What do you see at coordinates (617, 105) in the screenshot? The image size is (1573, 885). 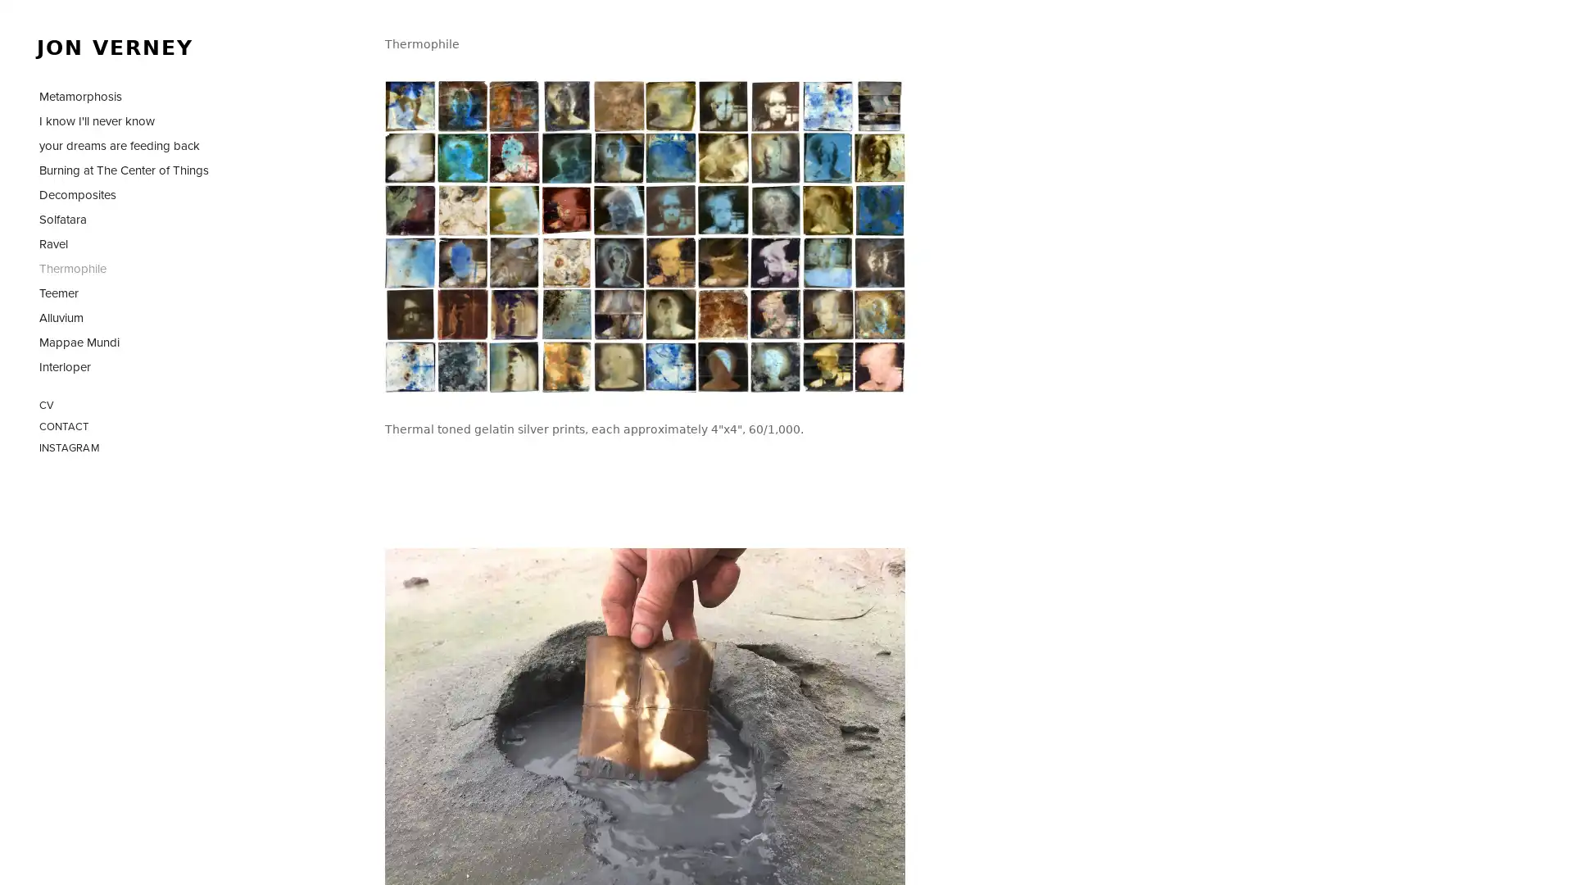 I see `View fullsize jon_verney_thermophile_32.jpg` at bounding box center [617, 105].